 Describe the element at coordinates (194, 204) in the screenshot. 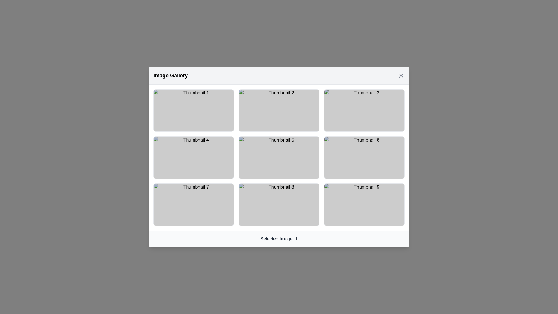

I see `the first image thumbnail` at that location.